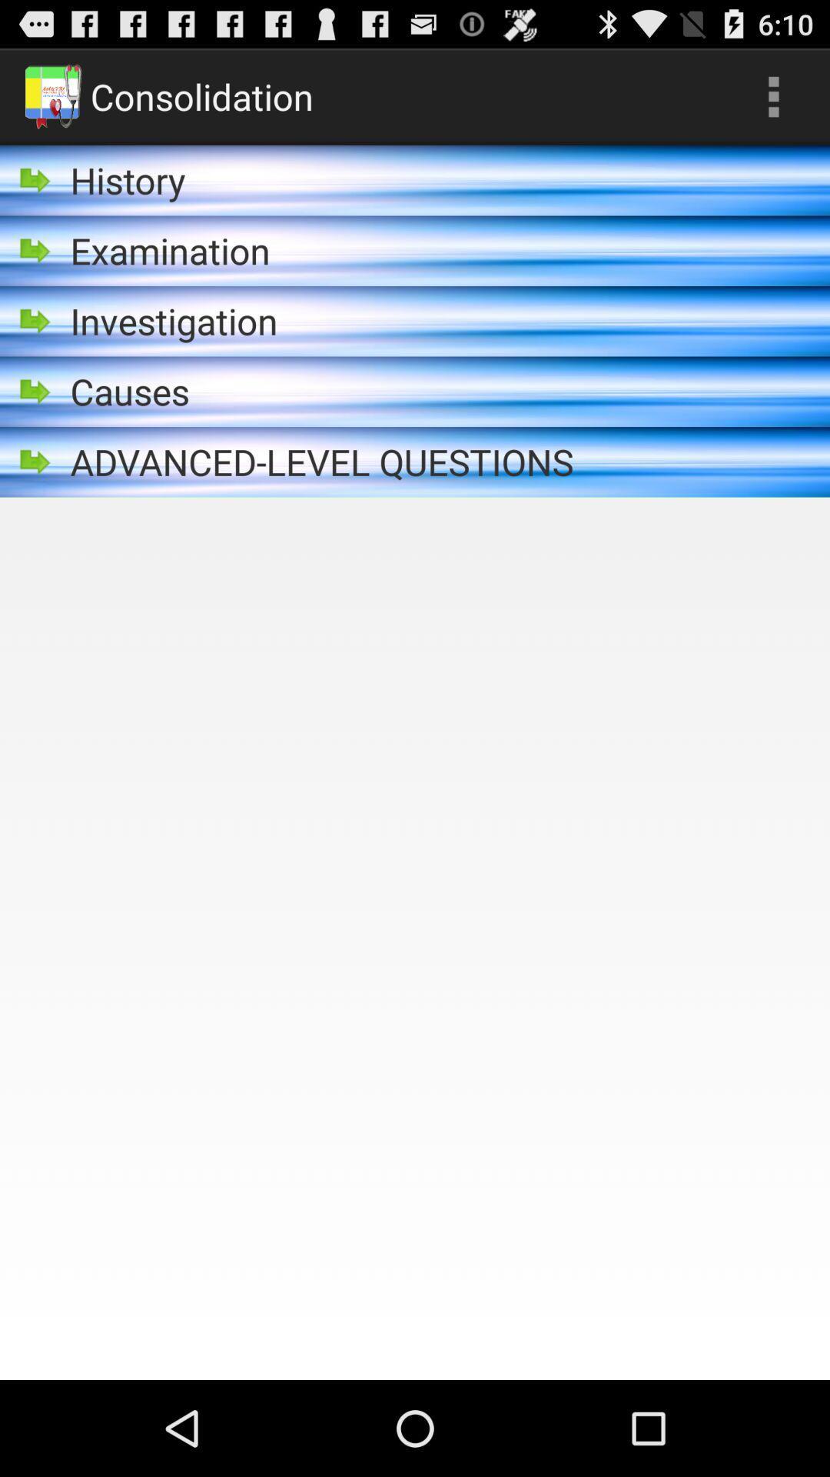 Image resolution: width=830 pixels, height=1477 pixels. Describe the element at coordinates (773, 95) in the screenshot. I see `the icon at the top right corner` at that location.